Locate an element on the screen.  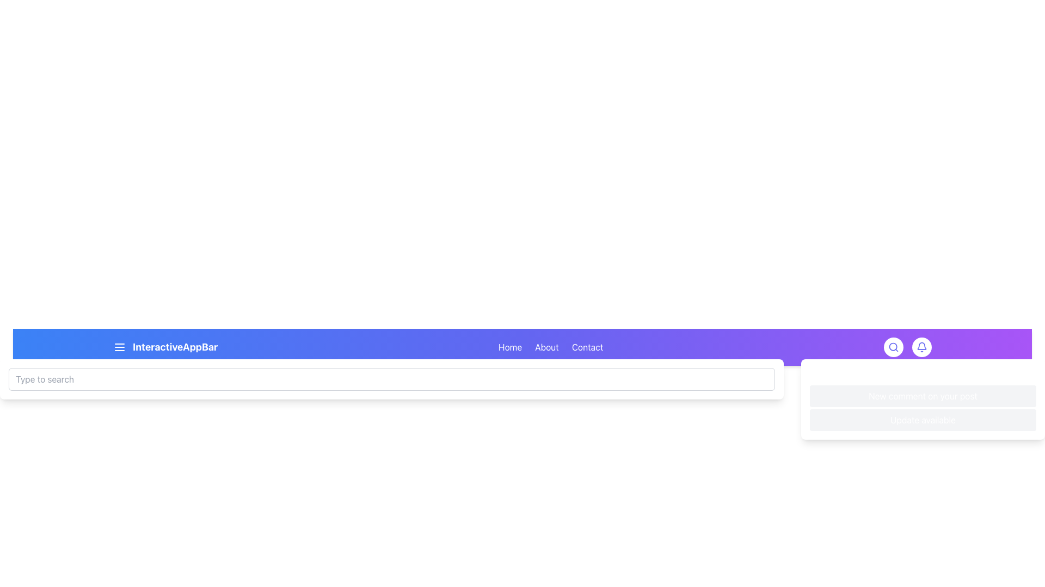
the notification icon located in the top-right corner of the interface is located at coordinates (921, 347).